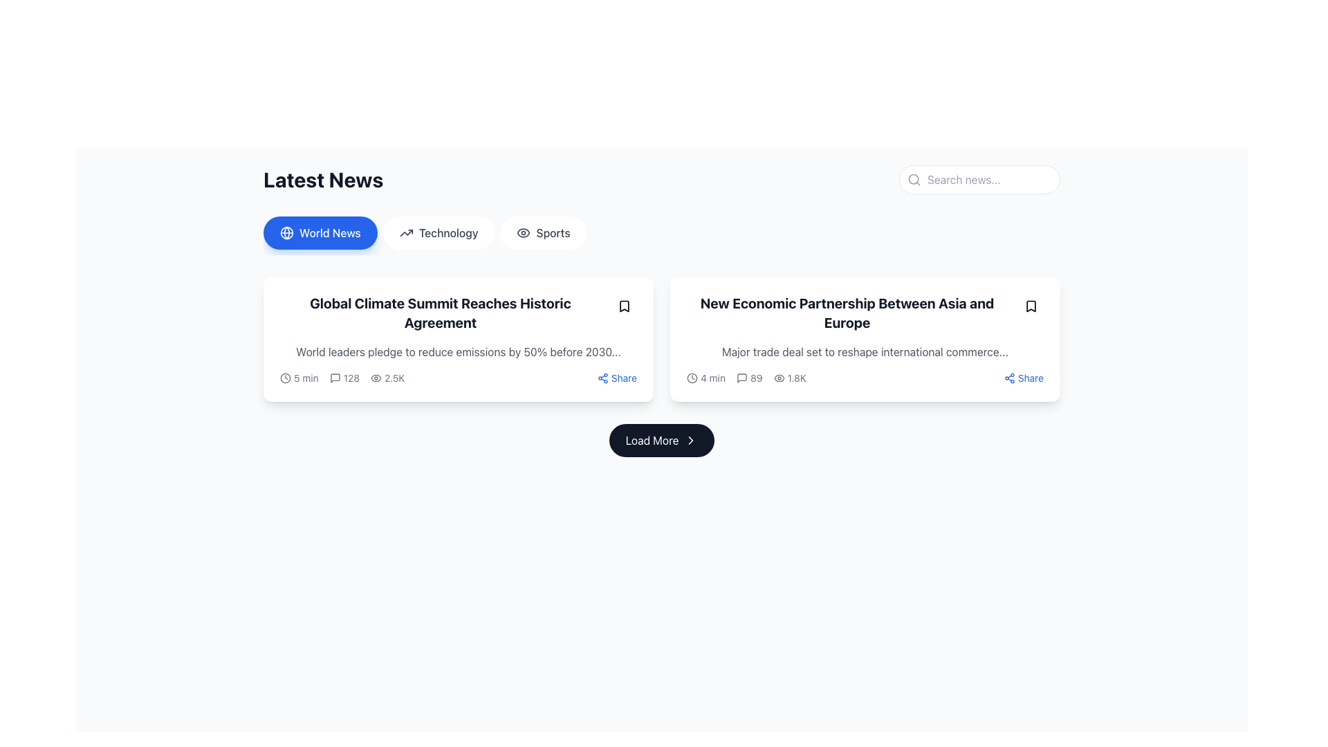 This screenshot has width=1328, height=747. I want to click on the small polygonal shape within the SVG icon that represents an upward trend or graph, located in the middle-right portion of the layout, so click(405, 232).